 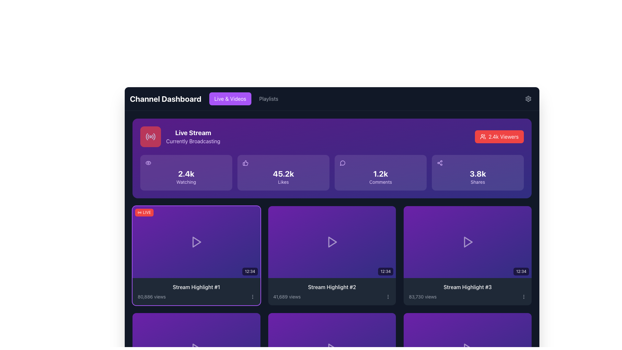 What do you see at coordinates (381, 173) in the screenshot?
I see `the Text label that presents the number of comments, located in the top-right section of the interface as the third box from the left, bordered by 'Likes' and 'Shares' boxes` at bounding box center [381, 173].